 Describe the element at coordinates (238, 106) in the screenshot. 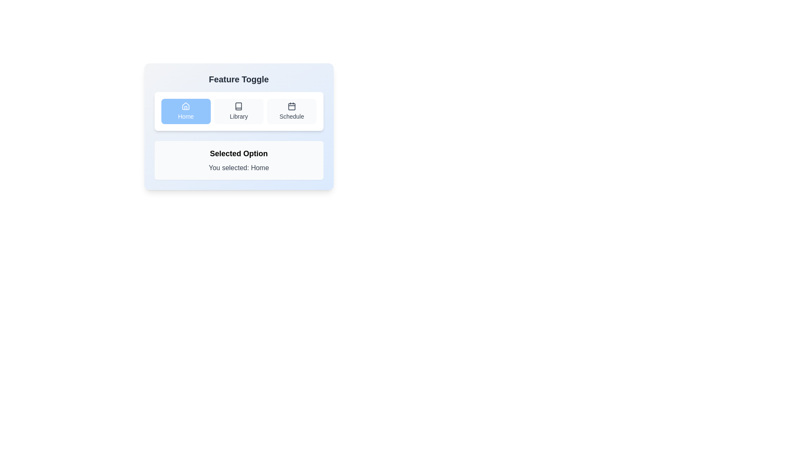

I see `the 'Library' icon, which is a graphical representation of a book's cover and pages, located in the middle section of a three-option toggle interface between the 'Home' and 'Schedule' icons` at that location.